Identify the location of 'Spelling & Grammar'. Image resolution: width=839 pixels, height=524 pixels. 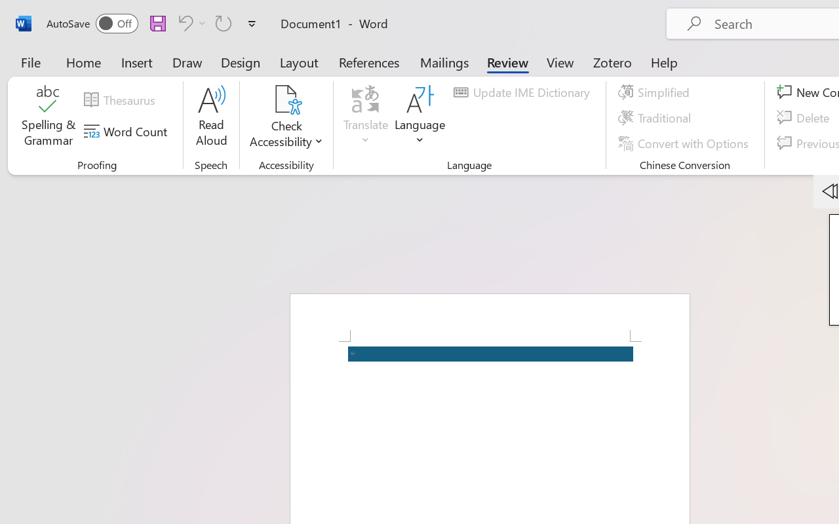
(49, 117).